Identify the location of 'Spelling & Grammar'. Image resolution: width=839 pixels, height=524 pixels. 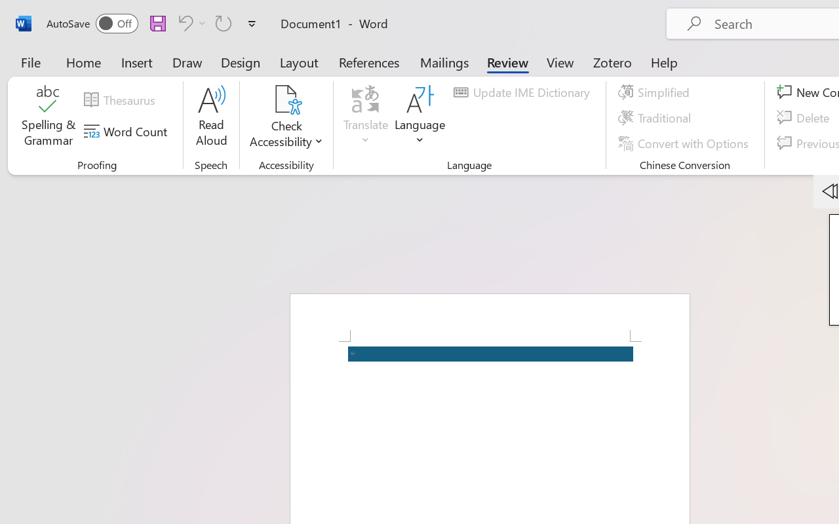
(49, 117).